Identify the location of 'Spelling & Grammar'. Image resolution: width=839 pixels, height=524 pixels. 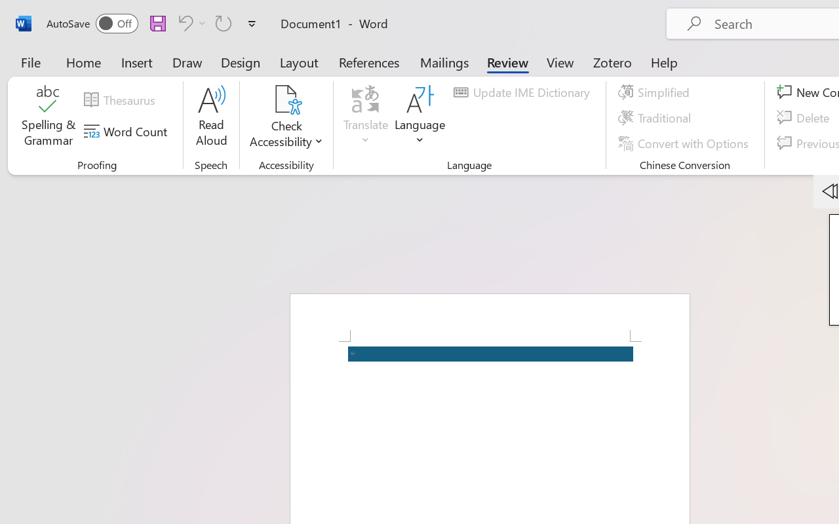
(49, 117).